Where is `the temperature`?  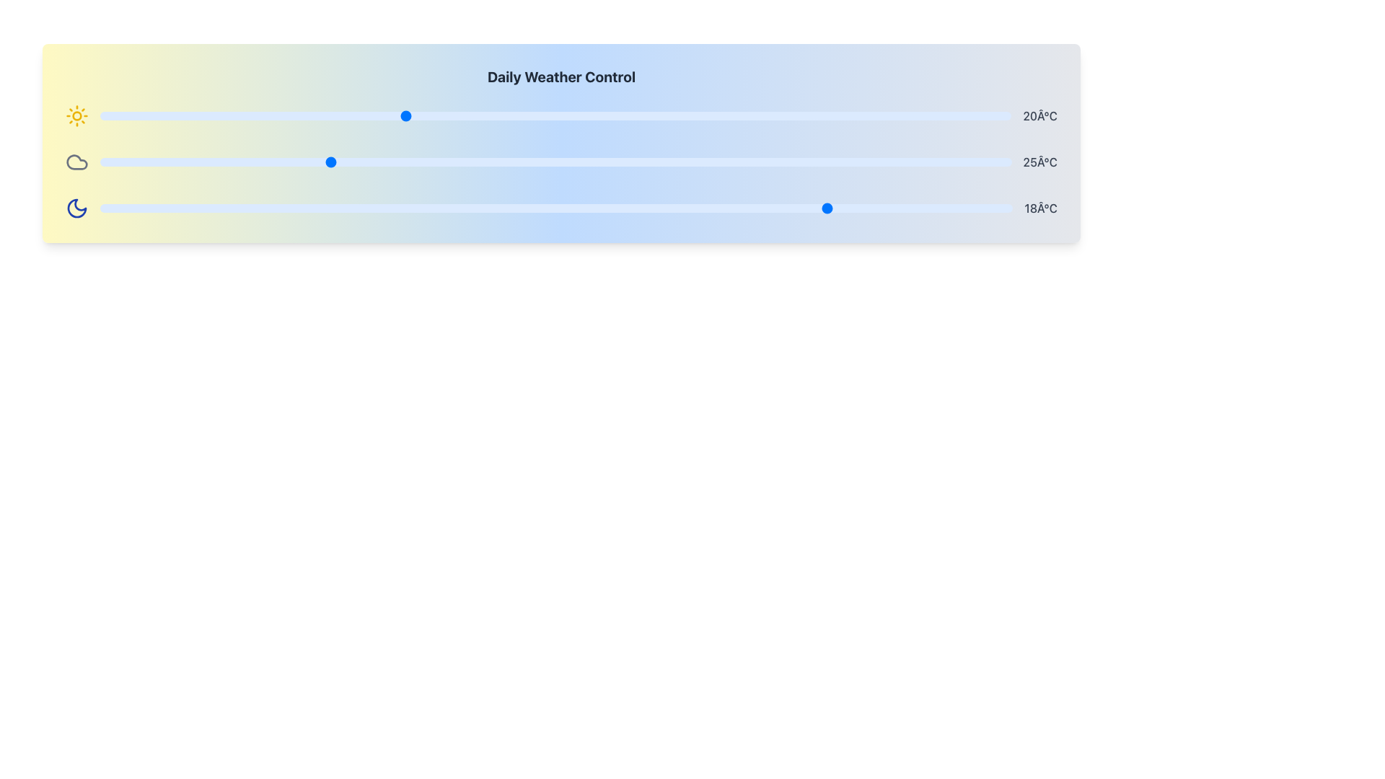 the temperature is located at coordinates (465, 162).